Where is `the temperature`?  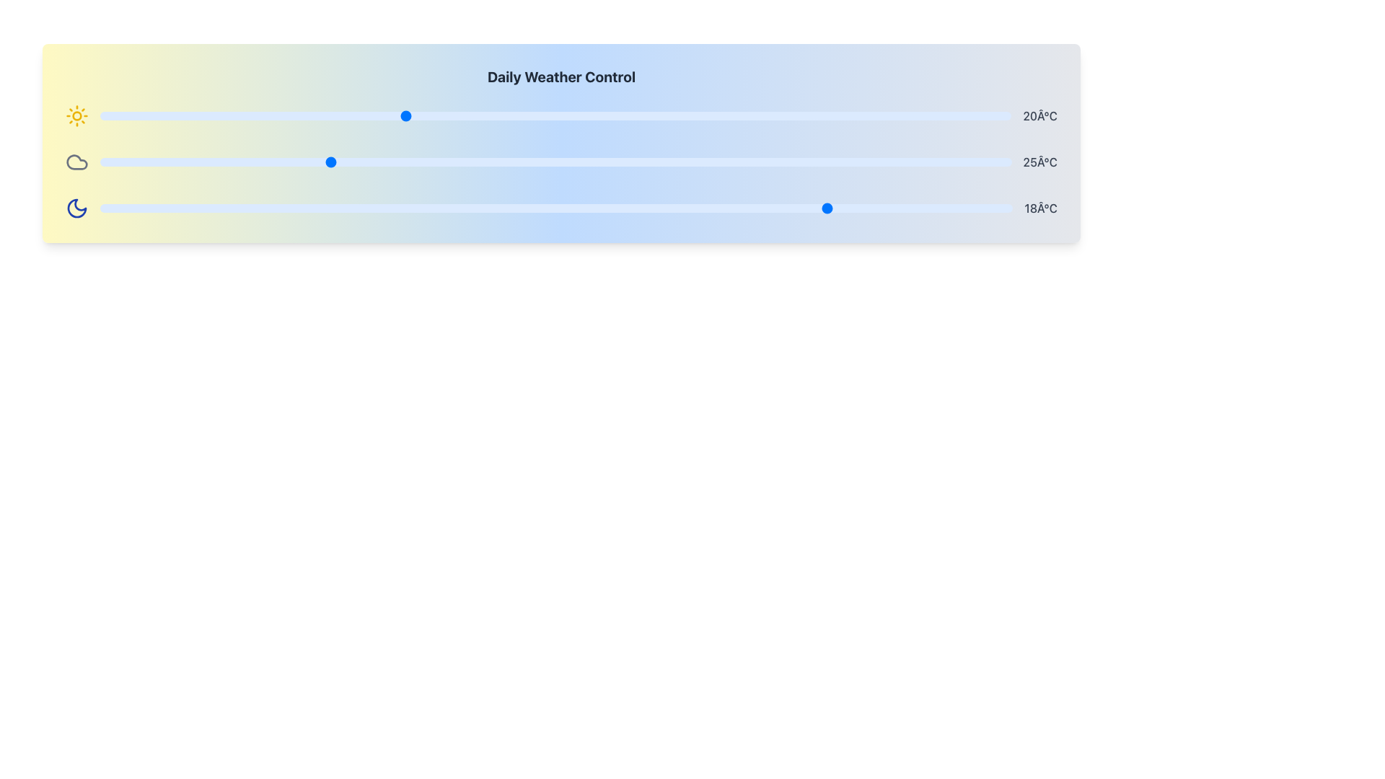 the temperature is located at coordinates (465, 162).